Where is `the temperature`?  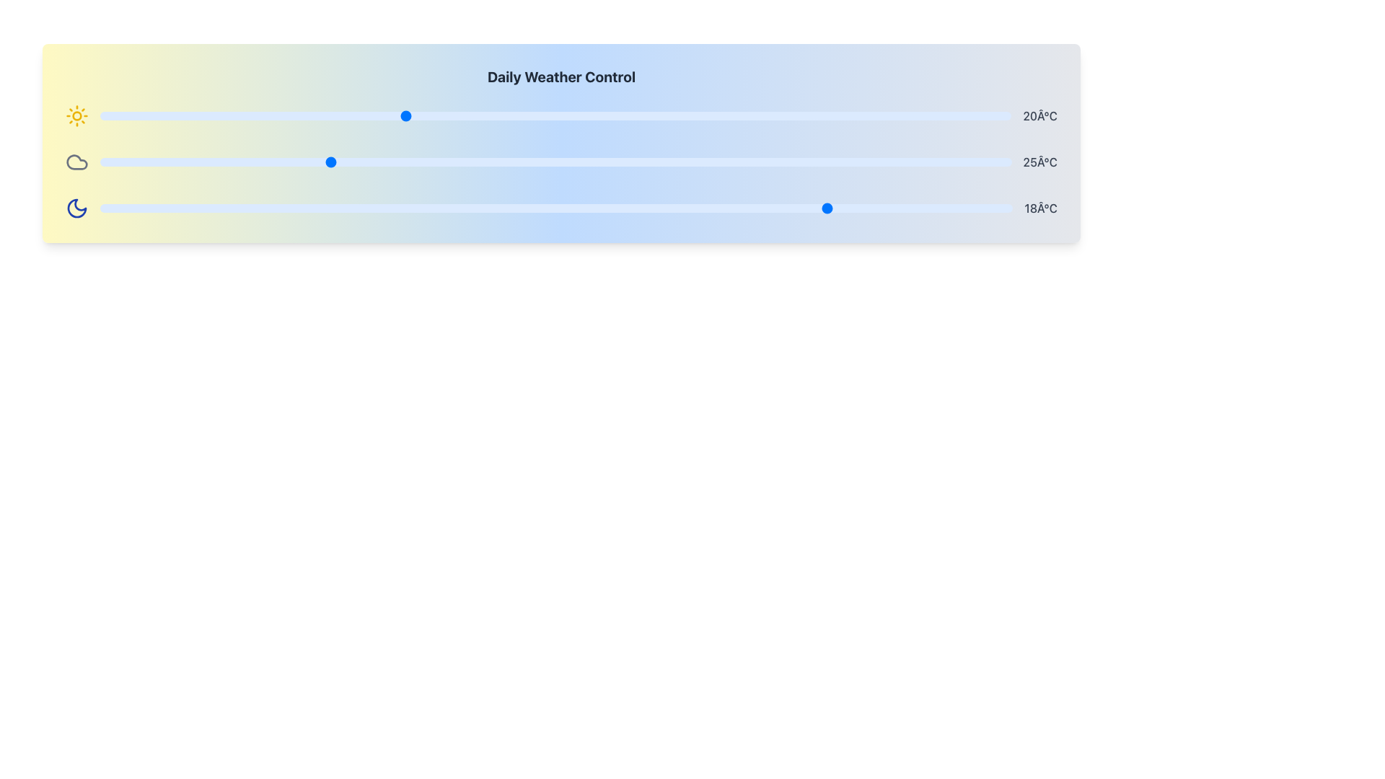 the temperature is located at coordinates (465, 162).